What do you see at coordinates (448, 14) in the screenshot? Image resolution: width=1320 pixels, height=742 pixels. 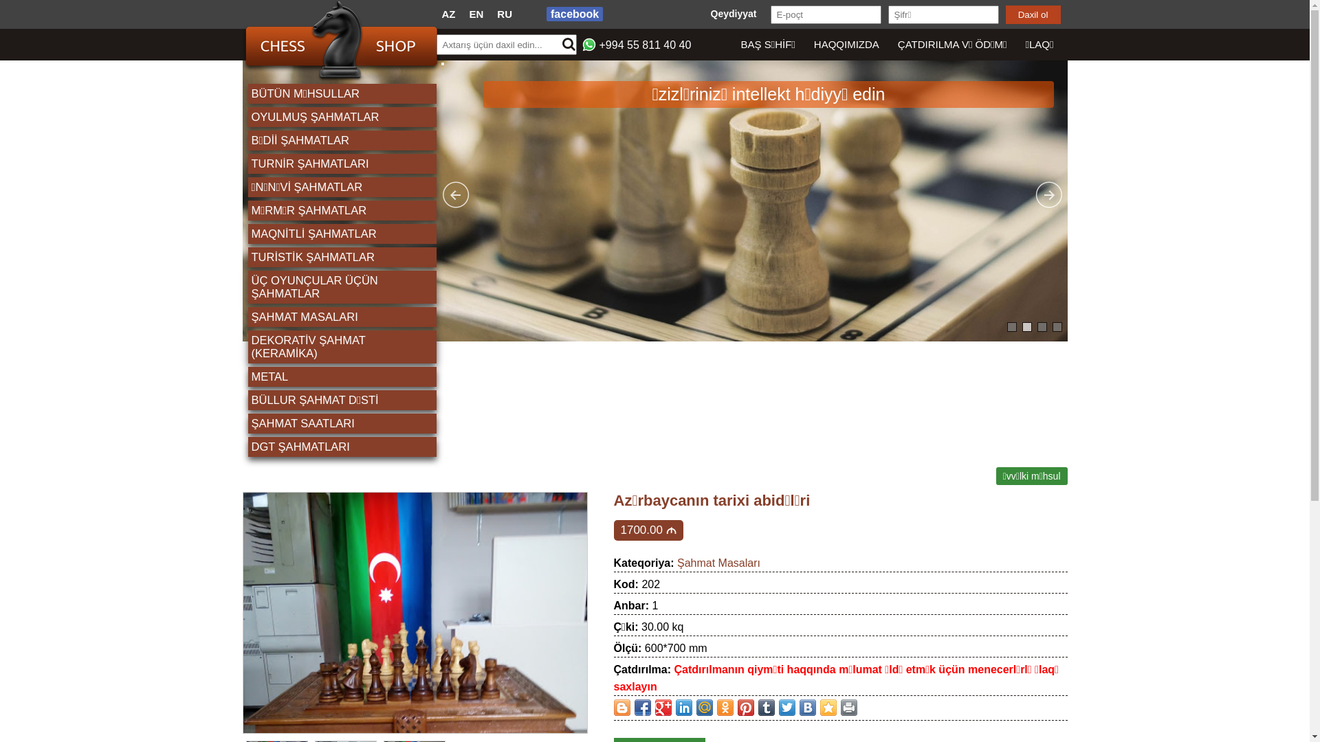 I see `'AZ'` at bounding box center [448, 14].